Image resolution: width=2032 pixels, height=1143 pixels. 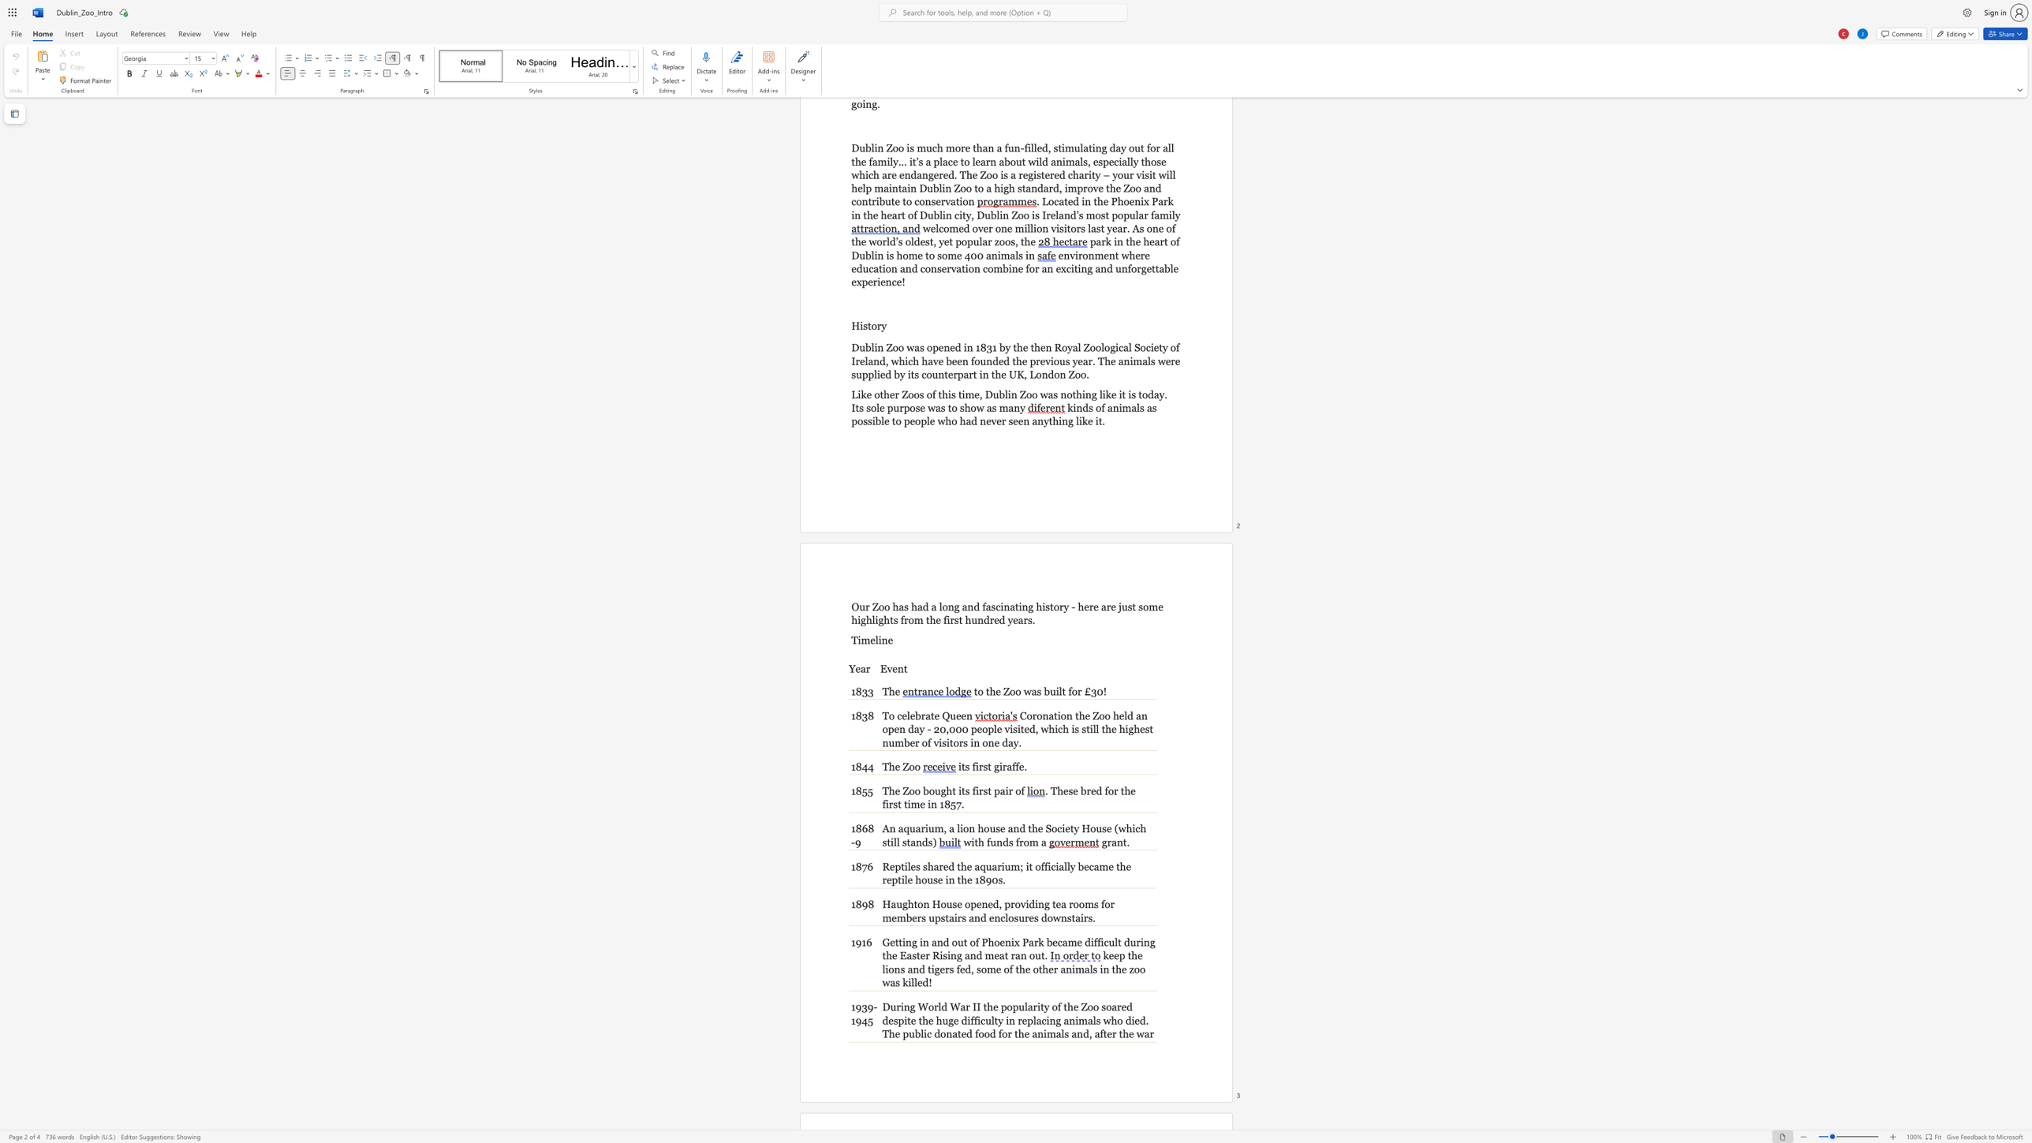 What do you see at coordinates (955, 715) in the screenshot?
I see `the subset text "ee" within the text "To celebrate Queen"` at bounding box center [955, 715].